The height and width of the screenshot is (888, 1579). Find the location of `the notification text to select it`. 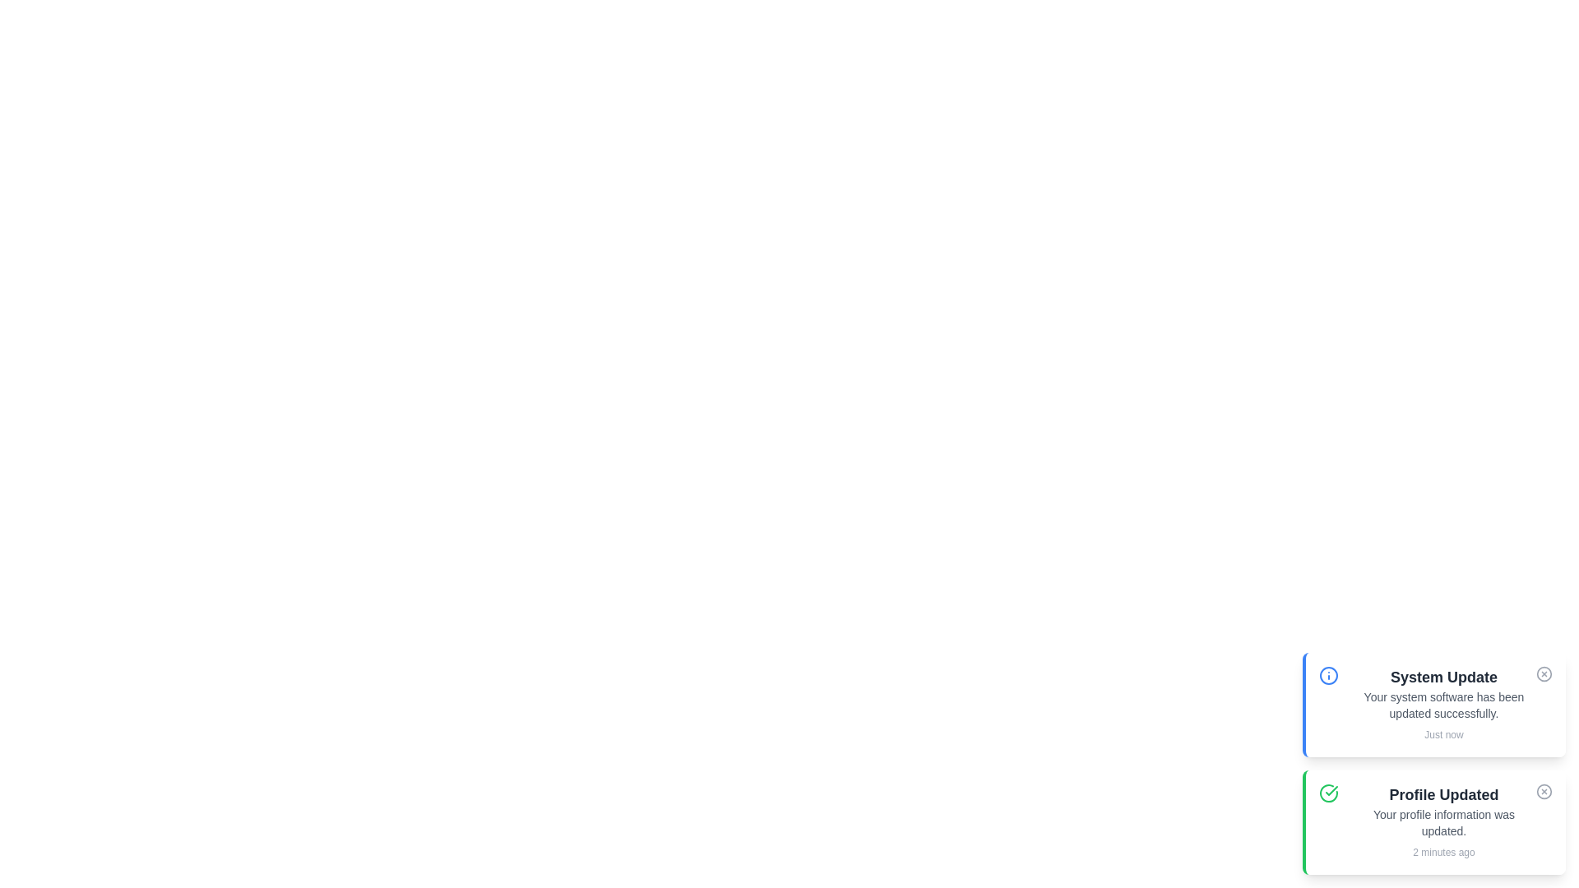

the notification text to select it is located at coordinates (1443, 703).